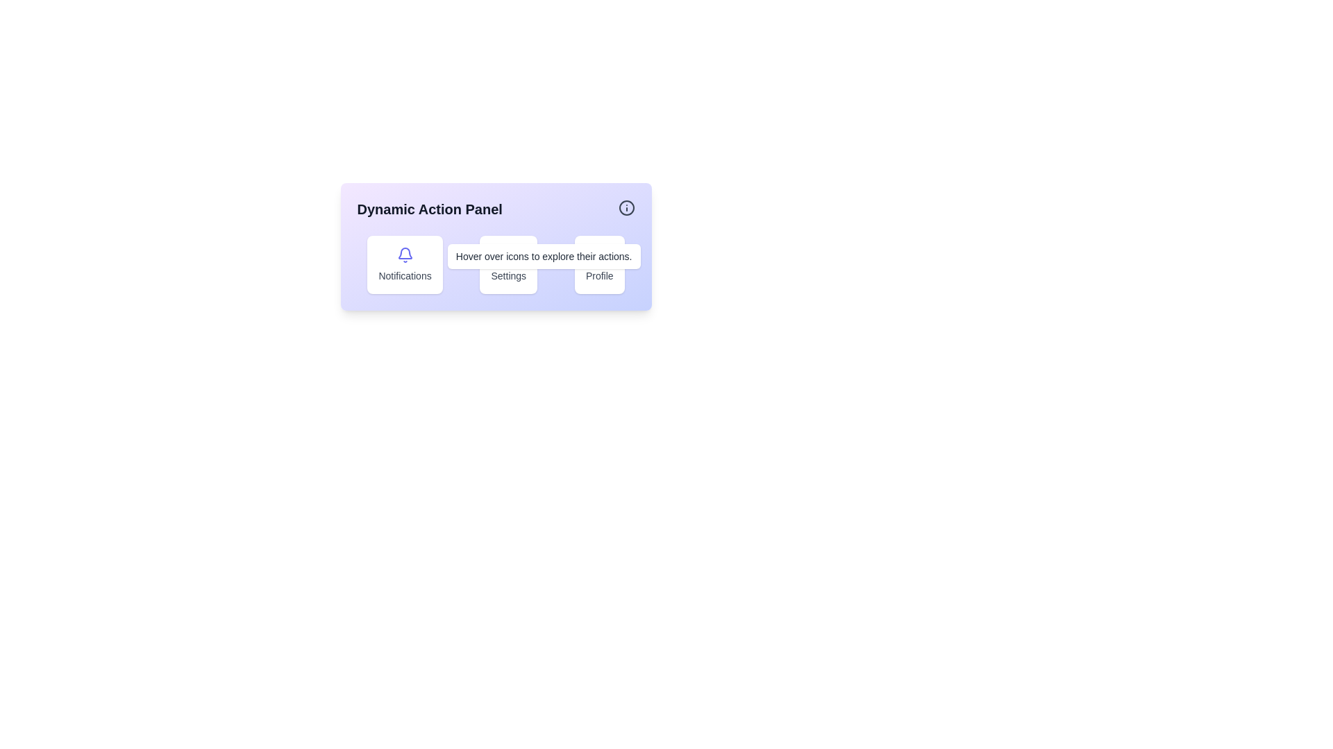  What do you see at coordinates (404, 255) in the screenshot?
I see `the Notifications icon located at the top of the Notifications card in the Dynamic Action Panel` at bounding box center [404, 255].